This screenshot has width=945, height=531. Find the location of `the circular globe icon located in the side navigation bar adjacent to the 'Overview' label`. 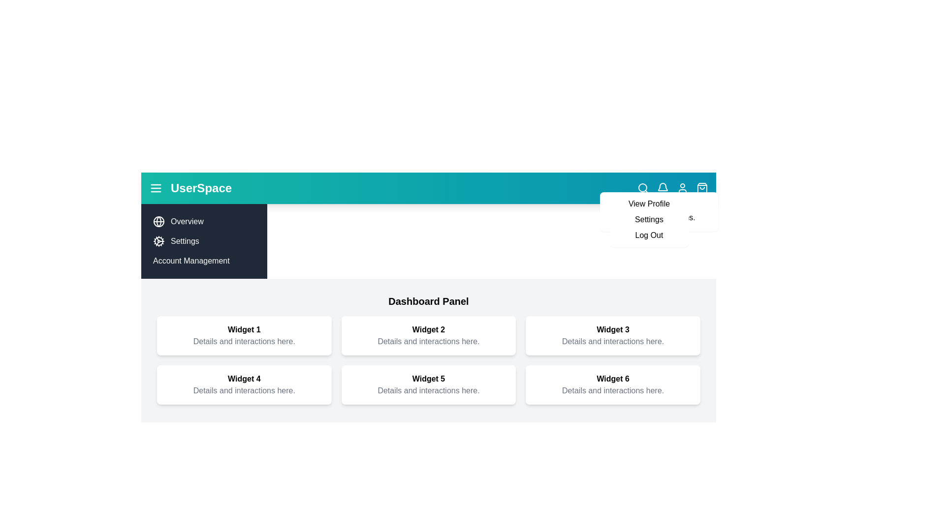

the circular globe icon located in the side navigation bar adjacent to the 'Overview' label is located at coordinates (158, 222).